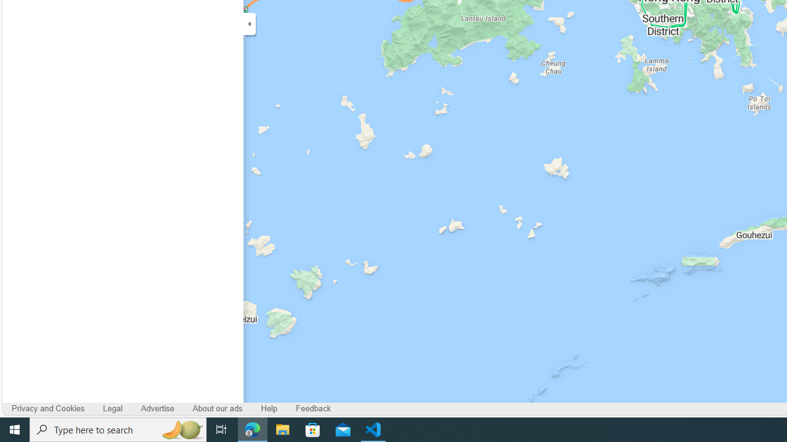  I want to click on 'Feedback', so click(314, 408).